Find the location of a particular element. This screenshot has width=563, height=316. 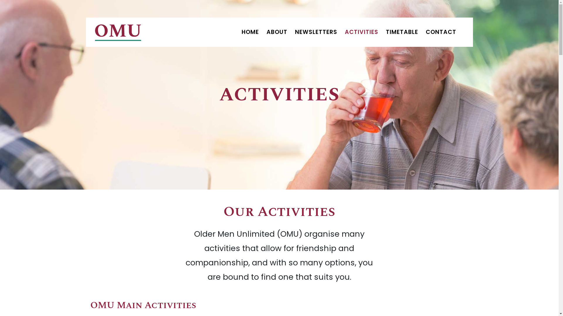

'ABOUT' is located at coordinates (276, 32).